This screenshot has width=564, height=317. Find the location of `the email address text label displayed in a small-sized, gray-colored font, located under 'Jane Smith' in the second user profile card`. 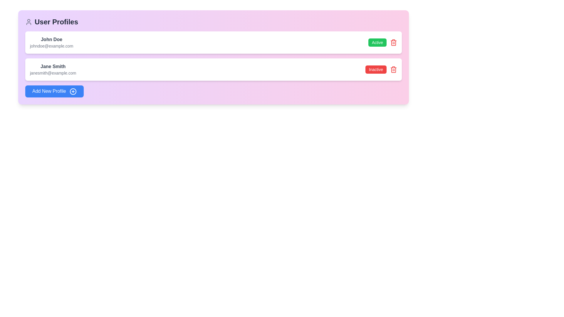

the email address text label displayed in a small-sized, gray-colored font, located under 'Jane Smith' in the second user profile card is located at coordinates (53, 73).